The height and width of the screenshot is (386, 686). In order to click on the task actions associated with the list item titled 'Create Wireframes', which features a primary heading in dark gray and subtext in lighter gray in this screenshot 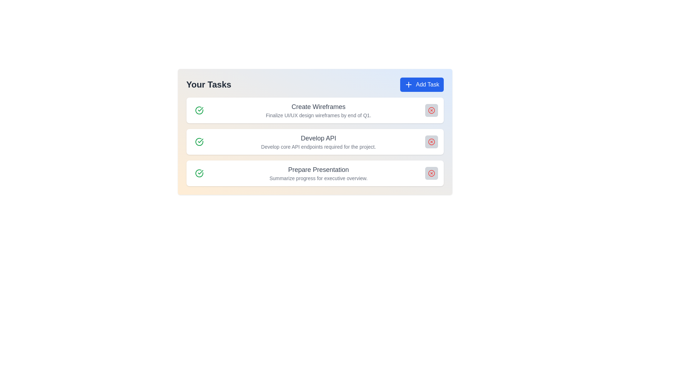, I will do `click(318, 110)`.